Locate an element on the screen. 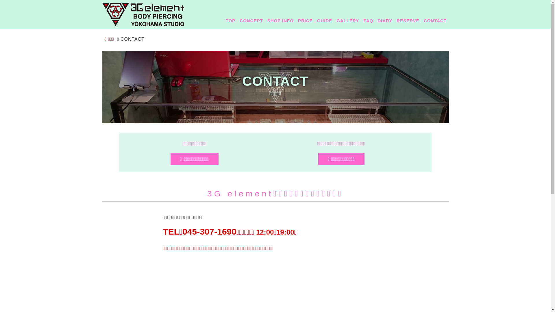  'SHOP INFO' is located at coordinates (280, 20).